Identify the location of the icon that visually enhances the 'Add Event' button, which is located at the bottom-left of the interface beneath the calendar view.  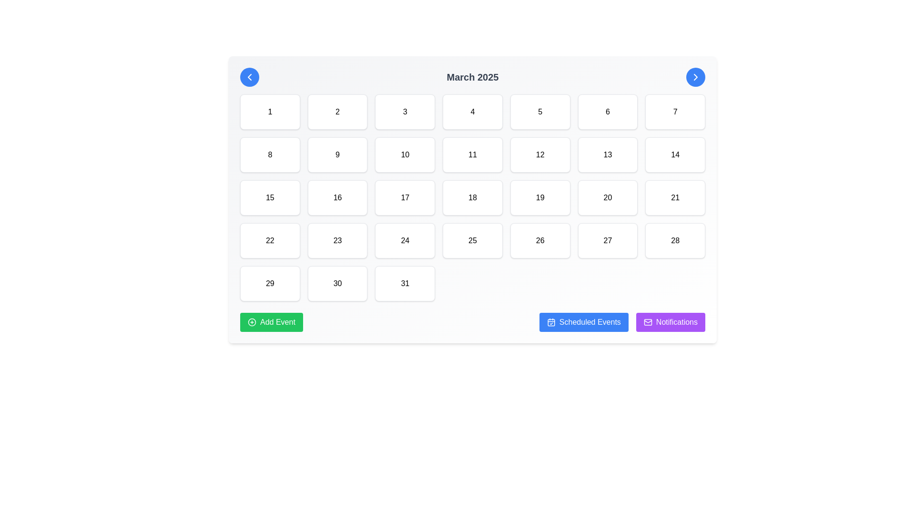
(252, 322).